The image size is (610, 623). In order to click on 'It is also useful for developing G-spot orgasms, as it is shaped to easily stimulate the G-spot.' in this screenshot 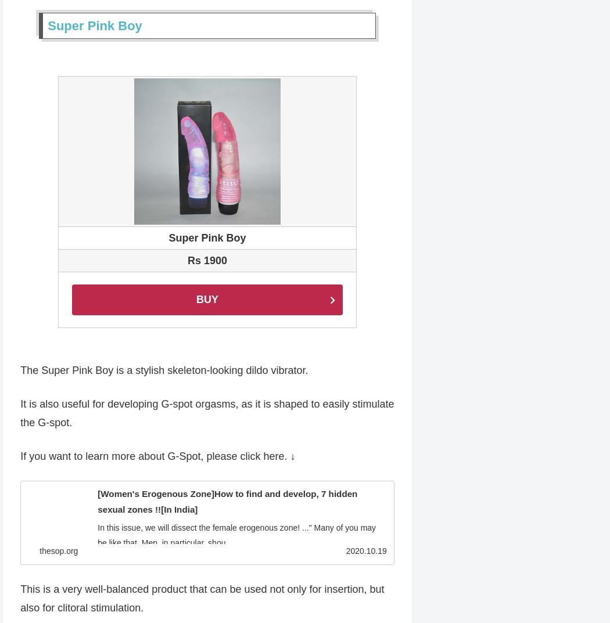, I will do `click(206, 414)`.